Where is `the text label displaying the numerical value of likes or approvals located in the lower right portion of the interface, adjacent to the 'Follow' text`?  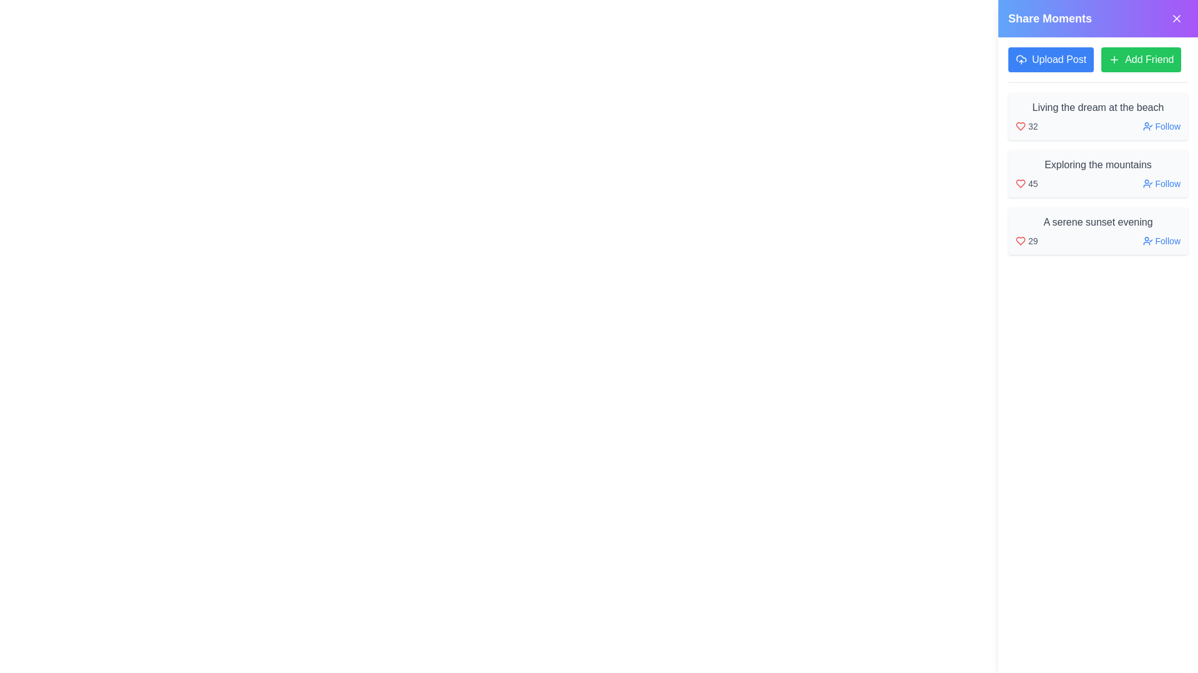
the text label displaying the numerical value of likes or approvals located in the lower right portion of the interface, adjacent to the 'Follow' text is located at coordinates (1026, 241).